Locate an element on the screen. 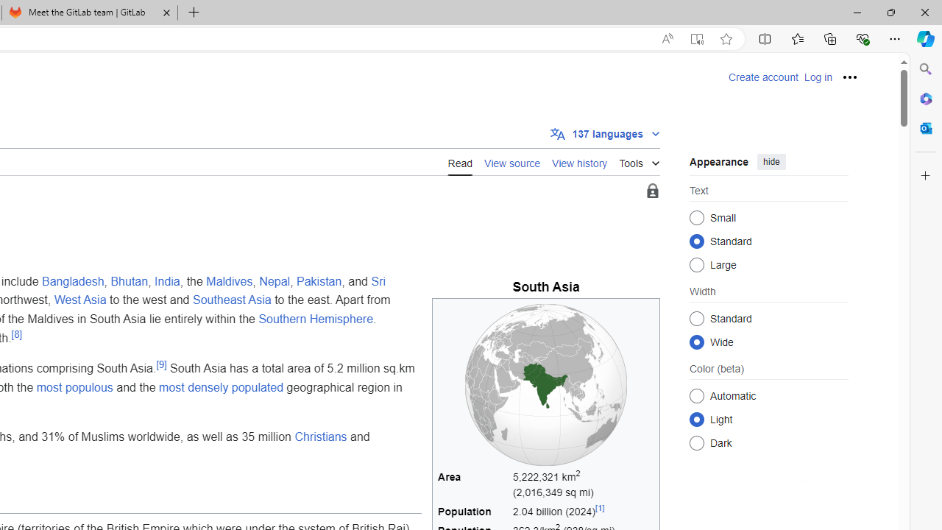  '2.04 billion (2024)[1]' is located at coordinates (583, 511).